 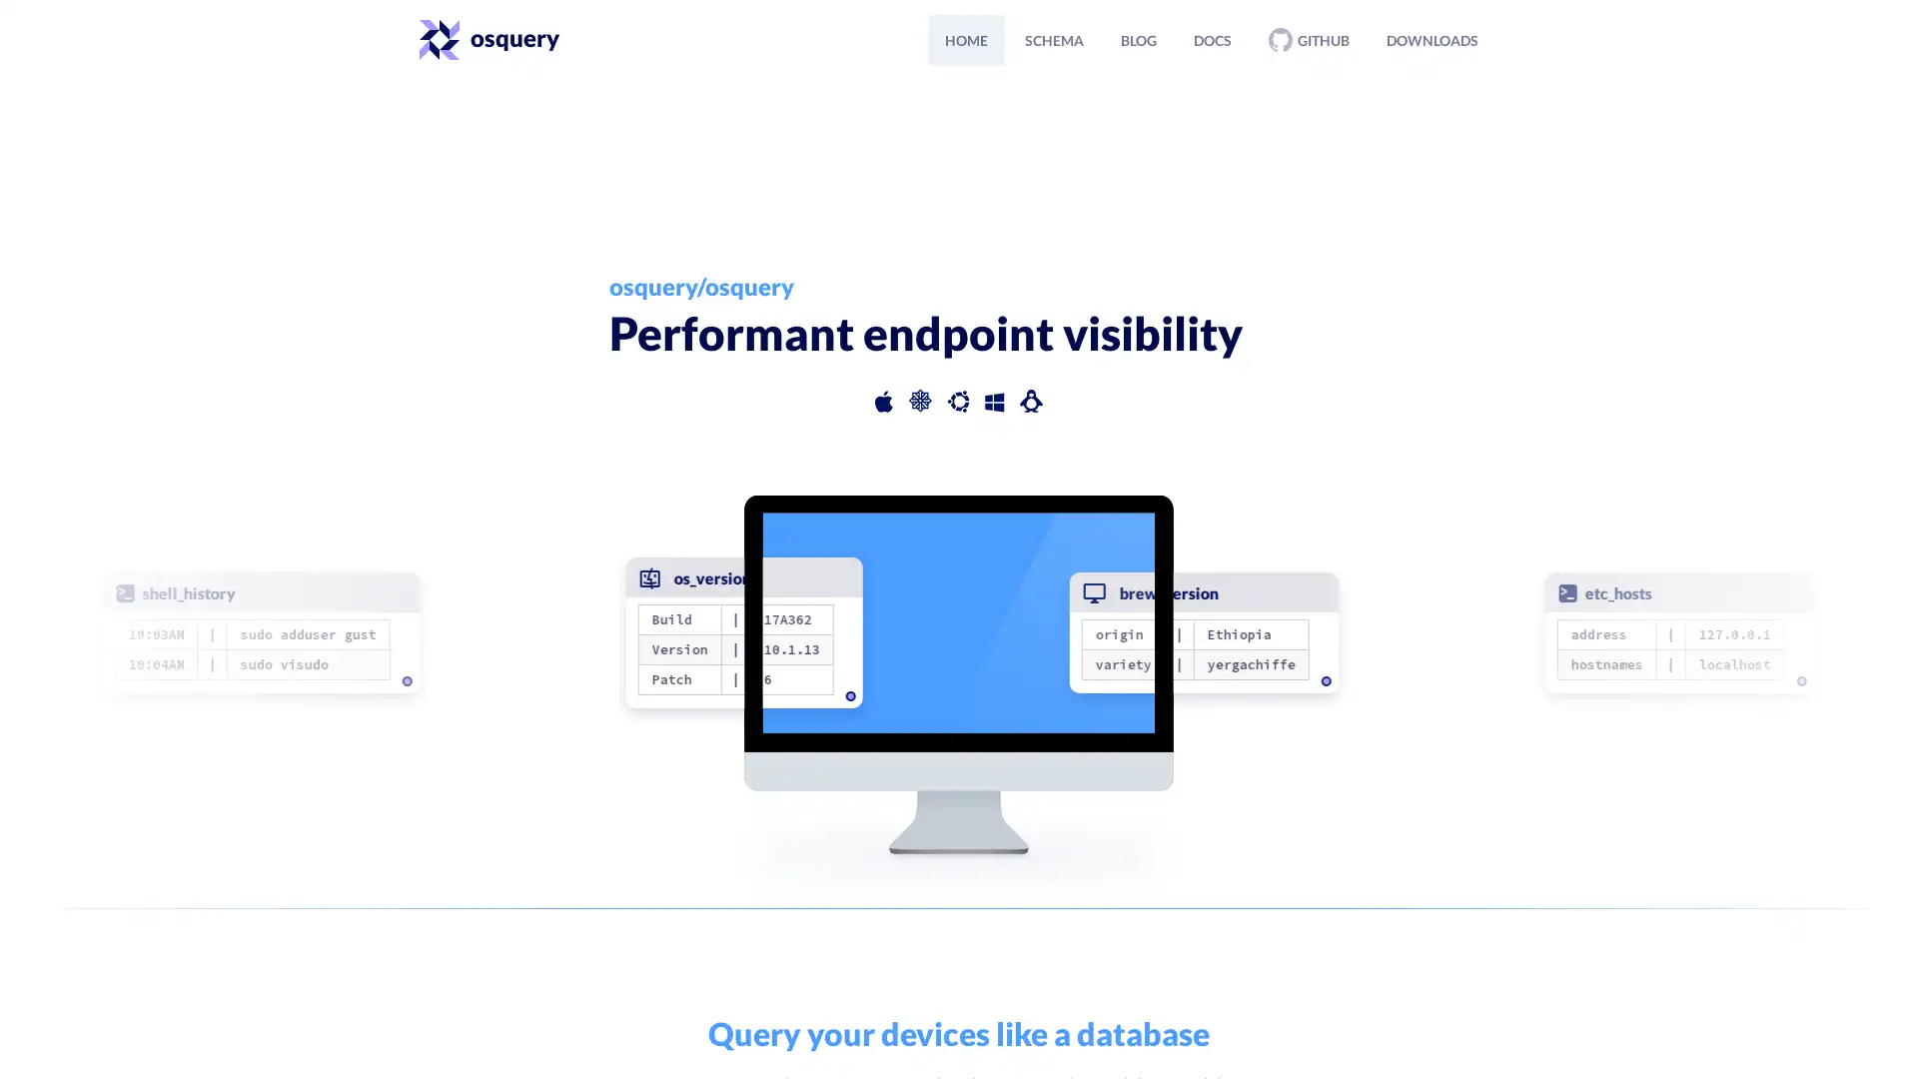 What do you see at coordinates (1212, 39) in the screenshot?
I see `DOCS` at bounding box center [1212, 39].